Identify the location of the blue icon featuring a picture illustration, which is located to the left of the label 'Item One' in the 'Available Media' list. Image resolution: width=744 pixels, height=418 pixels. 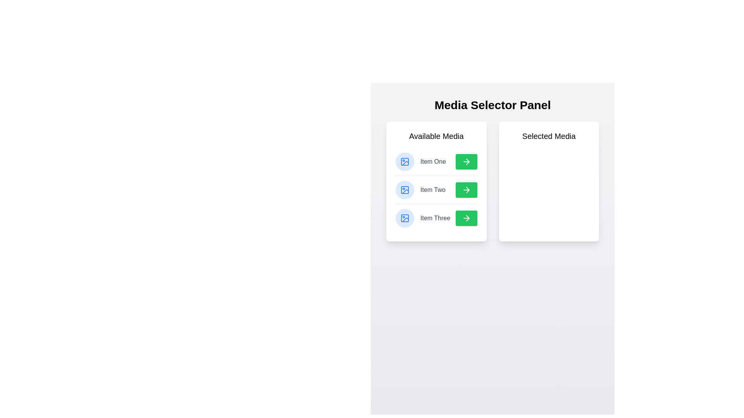
(405, 161).